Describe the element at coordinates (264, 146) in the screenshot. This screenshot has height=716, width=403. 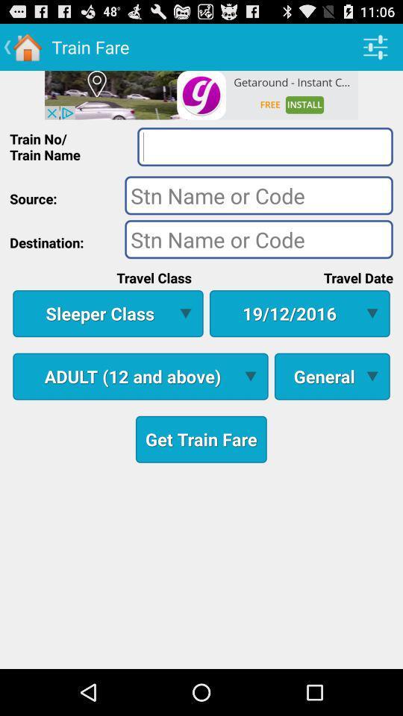
I see `search option` at that location.